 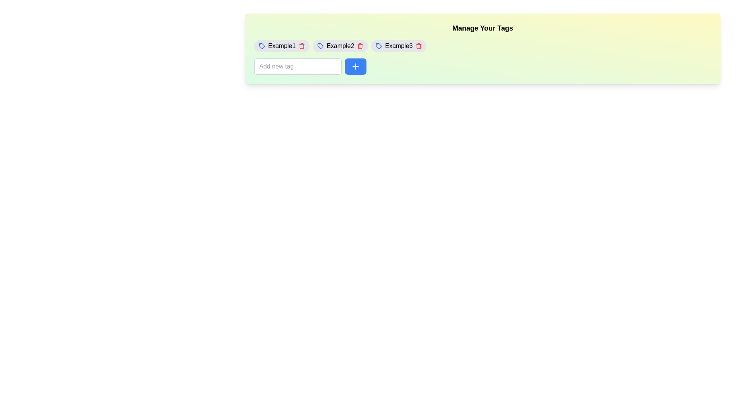 I want to click on the tag labeled 'Example2', so click(x=340, y=46).